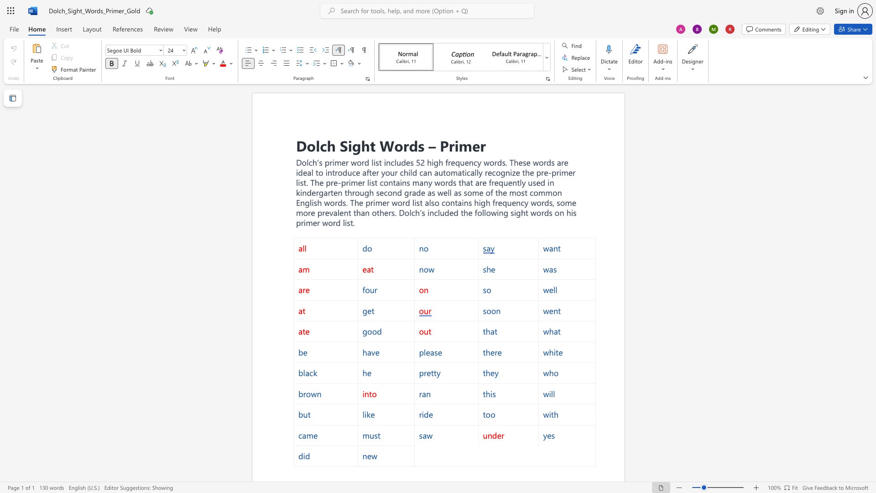 The image size is (876, 493). I want to click on the 2th character "o" in the text, so click(398, 145).